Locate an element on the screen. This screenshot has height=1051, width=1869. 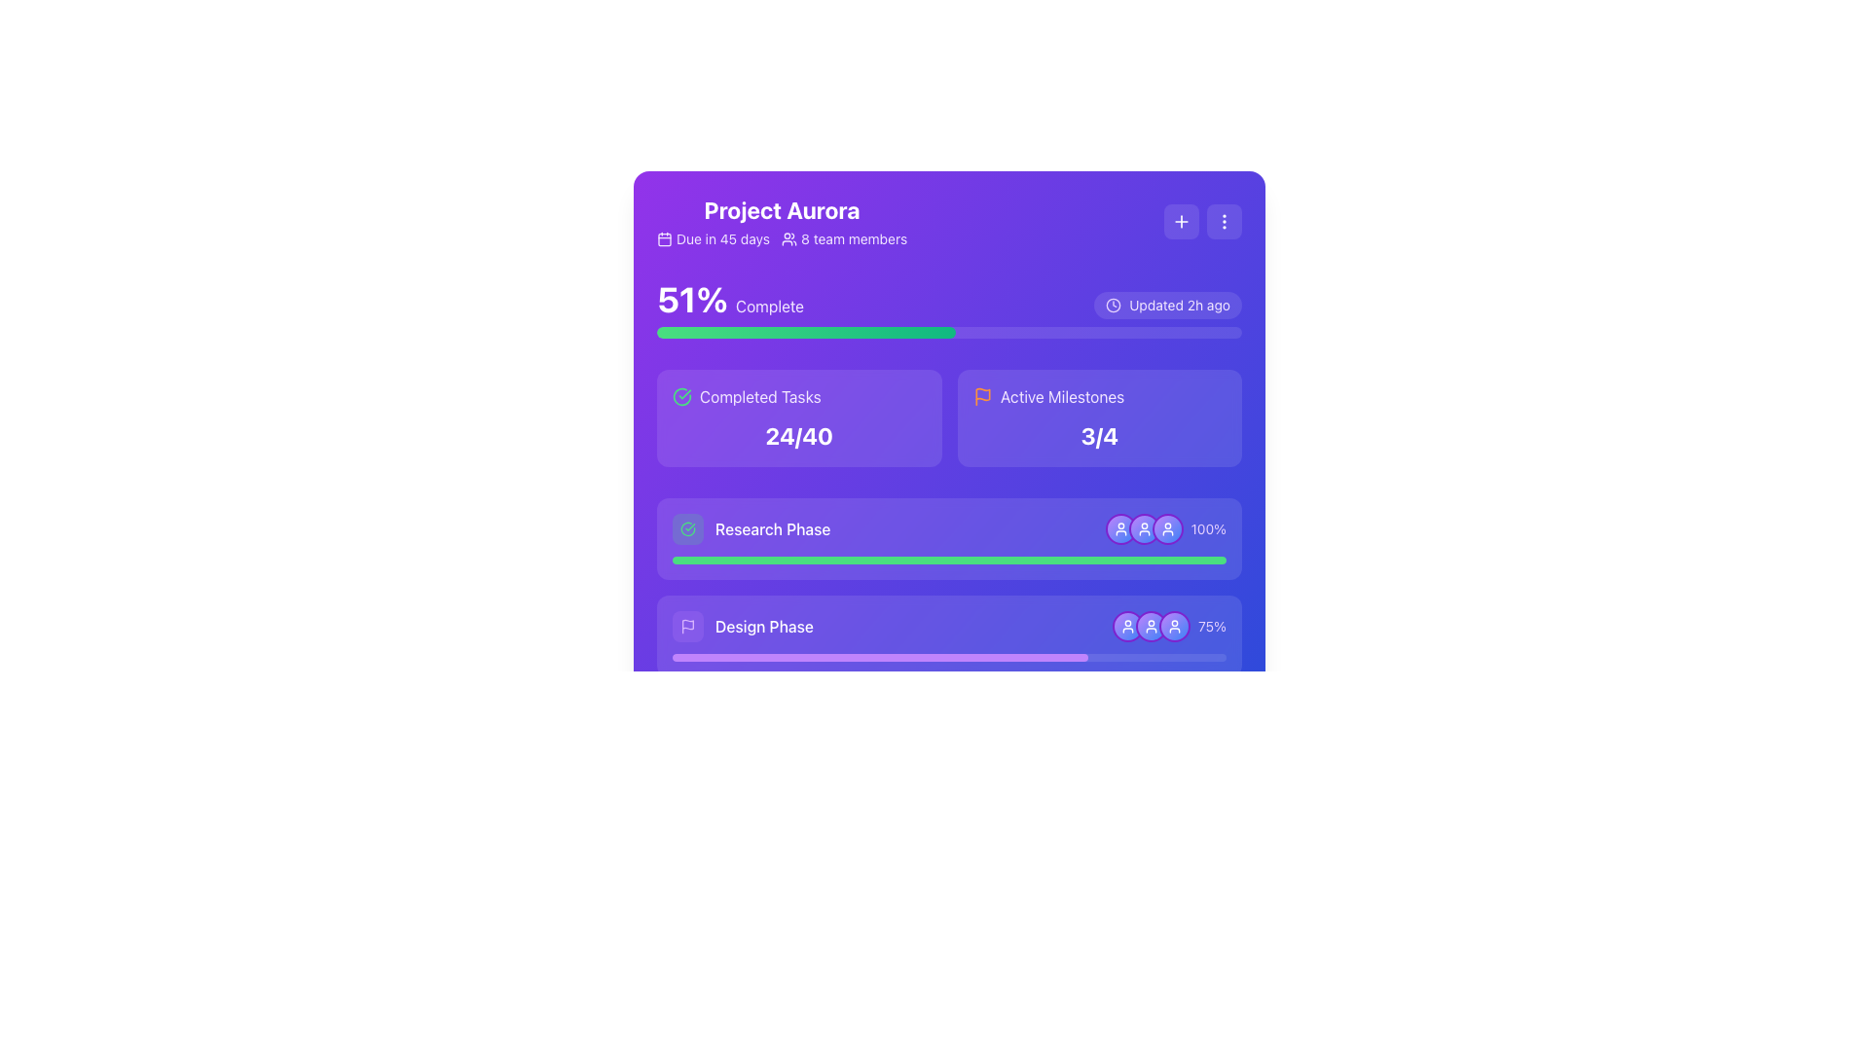
the user profile or avatar icon, which is the first of three circular icons in the 'Design Phase' section, located to the right above the 75% progress indicator is located at coordinates (1127, 627).